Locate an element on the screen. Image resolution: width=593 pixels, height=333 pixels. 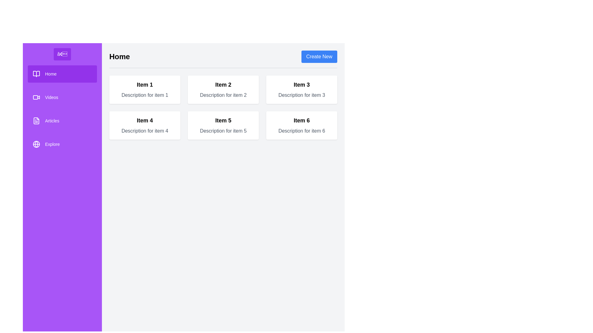
the 'Articles' text label in the left-side navigation panel, which is the third item in a vertical list of options including 'Home,' 'Videos,' and 'Explore.' is located at coordinates (52, 121).